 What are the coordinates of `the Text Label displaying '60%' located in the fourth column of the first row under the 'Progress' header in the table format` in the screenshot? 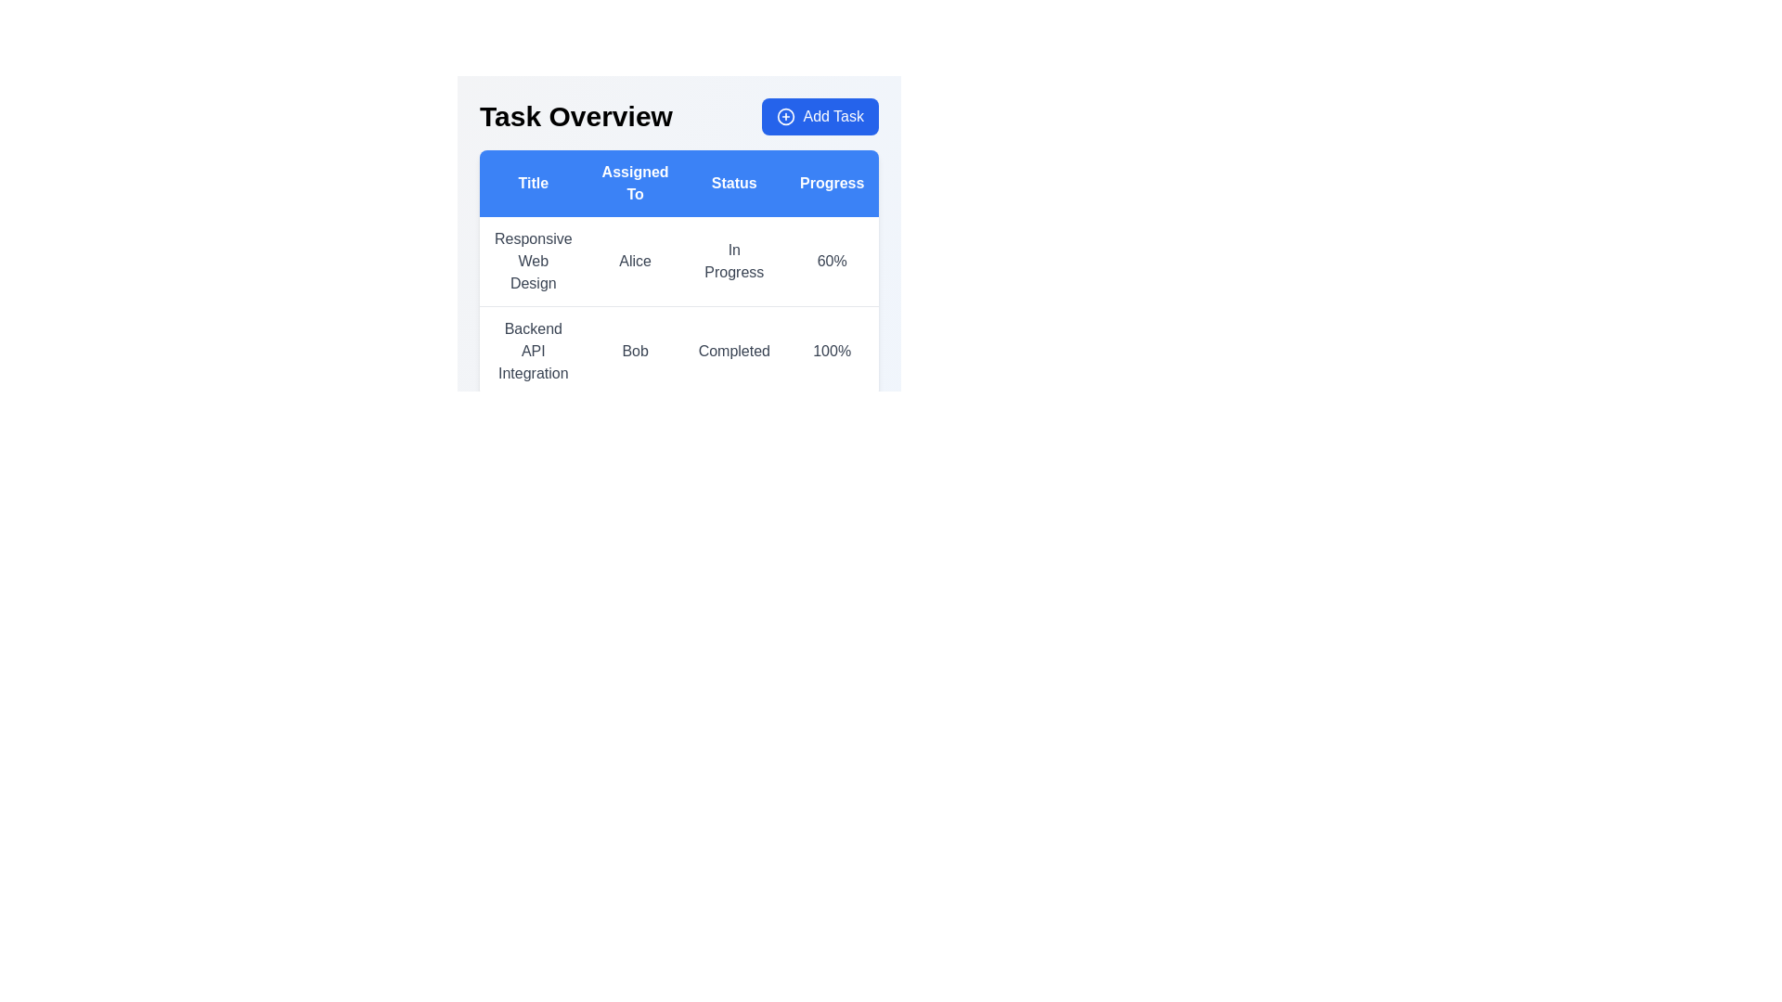 It's located at (831, 262).